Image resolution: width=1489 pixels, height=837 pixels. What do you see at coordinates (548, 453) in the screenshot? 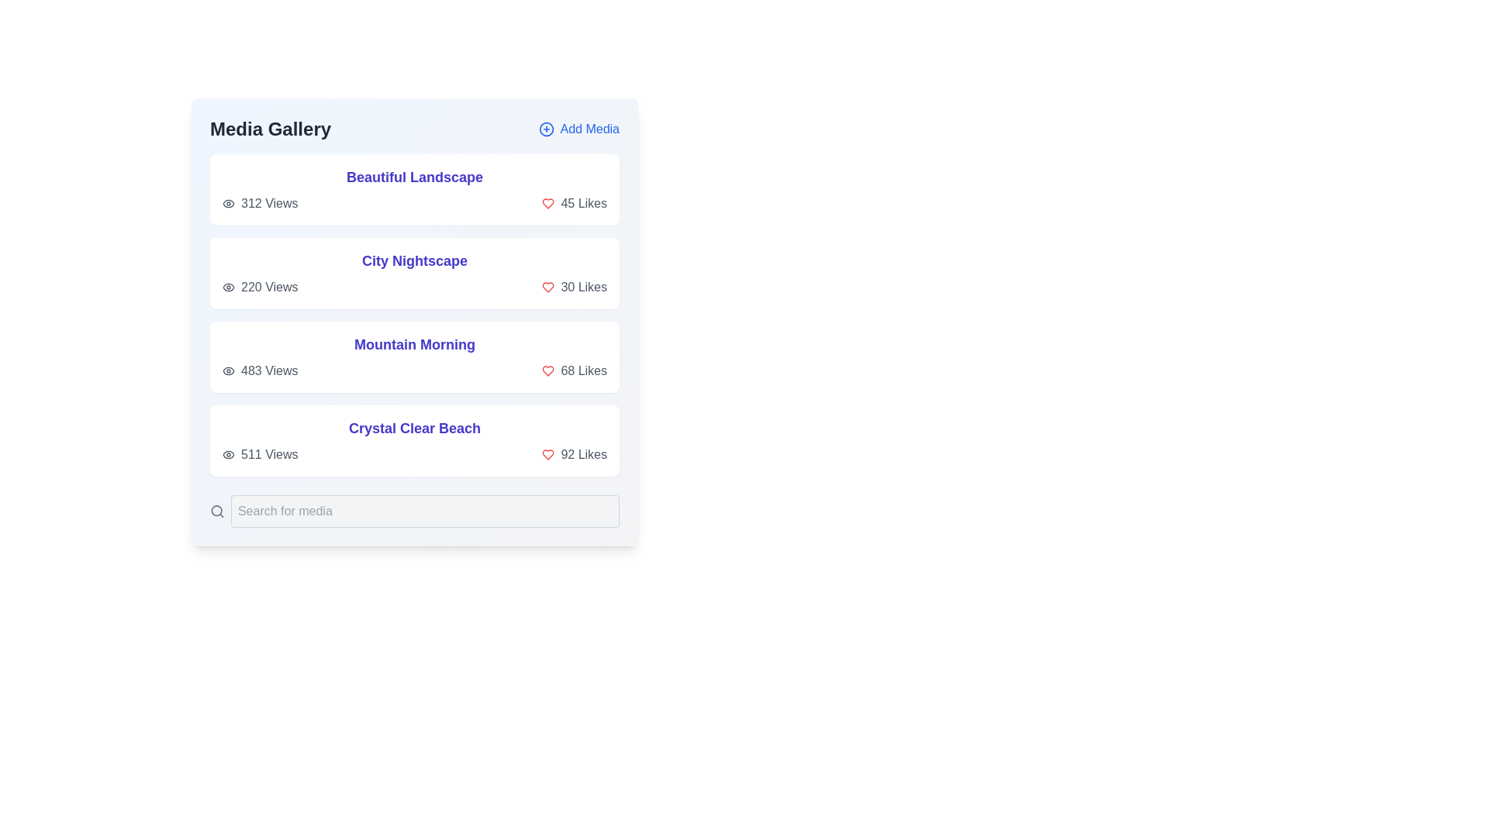
I see `the likes icon for the item titled Crystal Clear Beach` at bounding box center [548, 453].